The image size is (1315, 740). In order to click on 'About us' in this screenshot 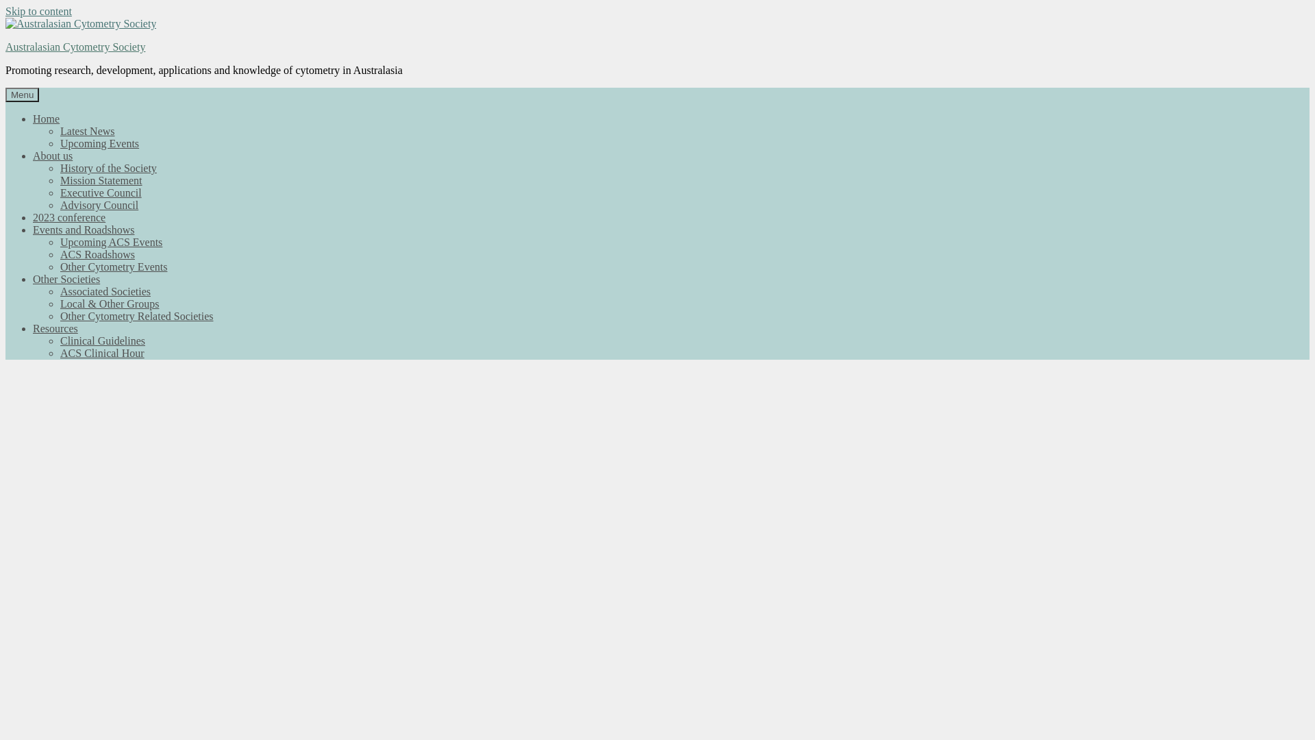, I will do `click(52, 155)`.